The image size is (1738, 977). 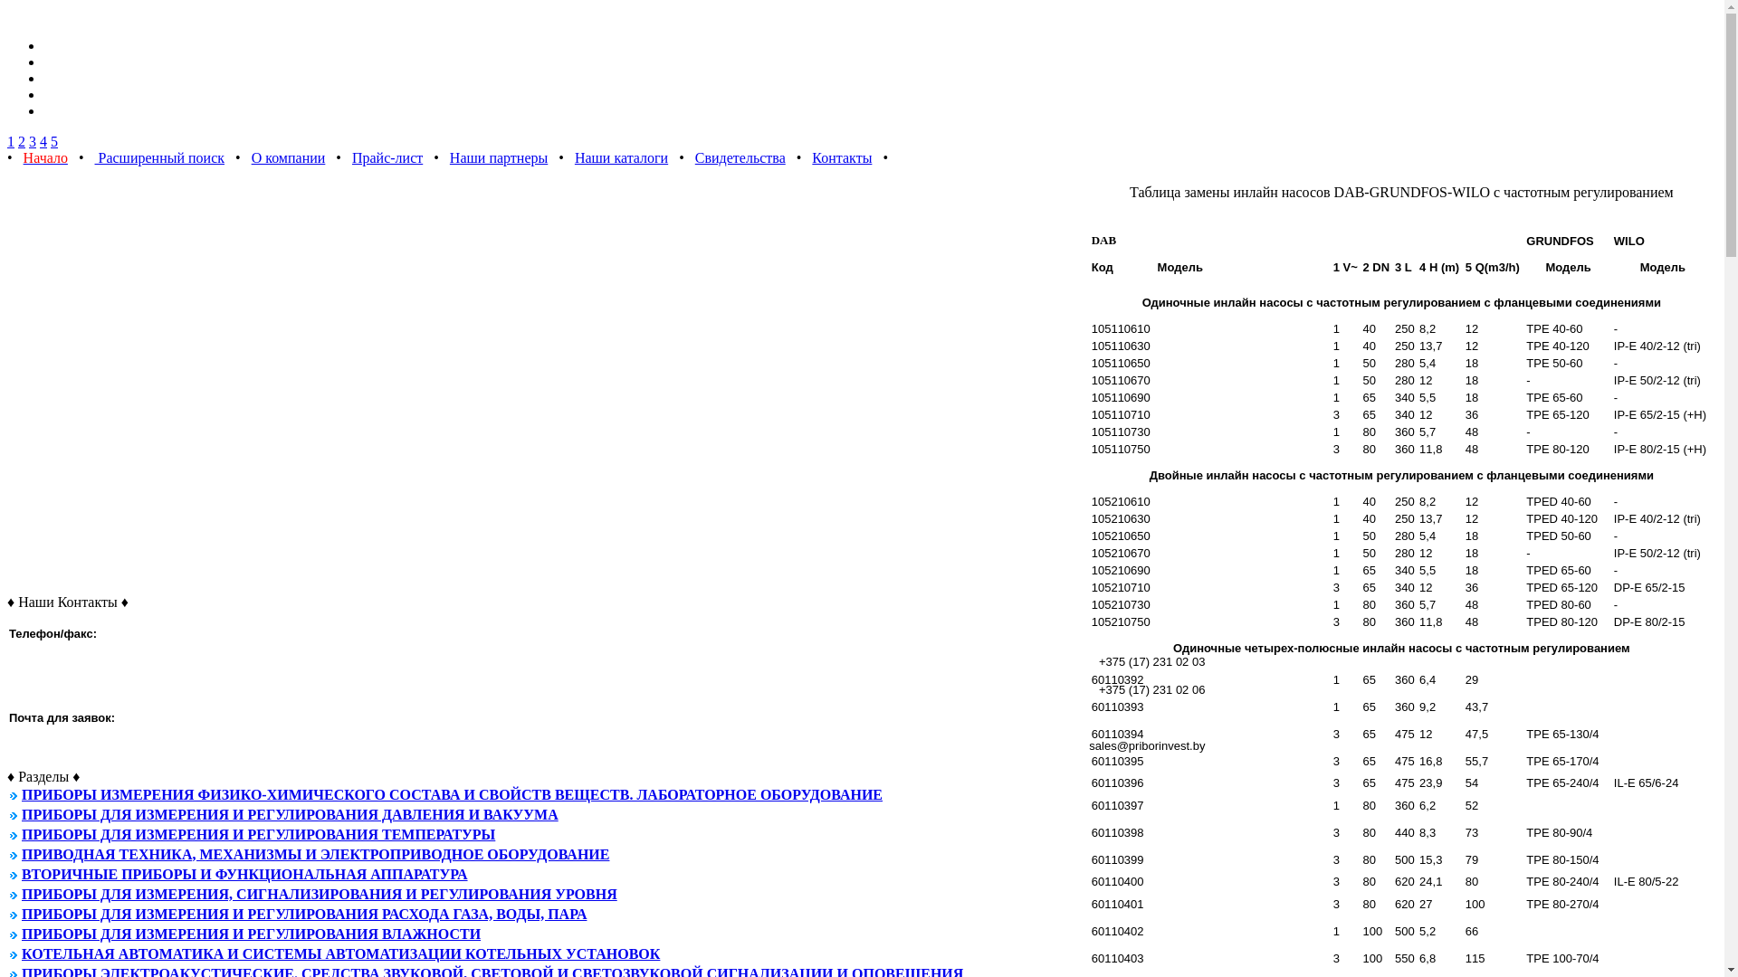 What do you see at coordinates (7, 140) in the screenshot?
I see `'1'` at bounding box center [7, 140].